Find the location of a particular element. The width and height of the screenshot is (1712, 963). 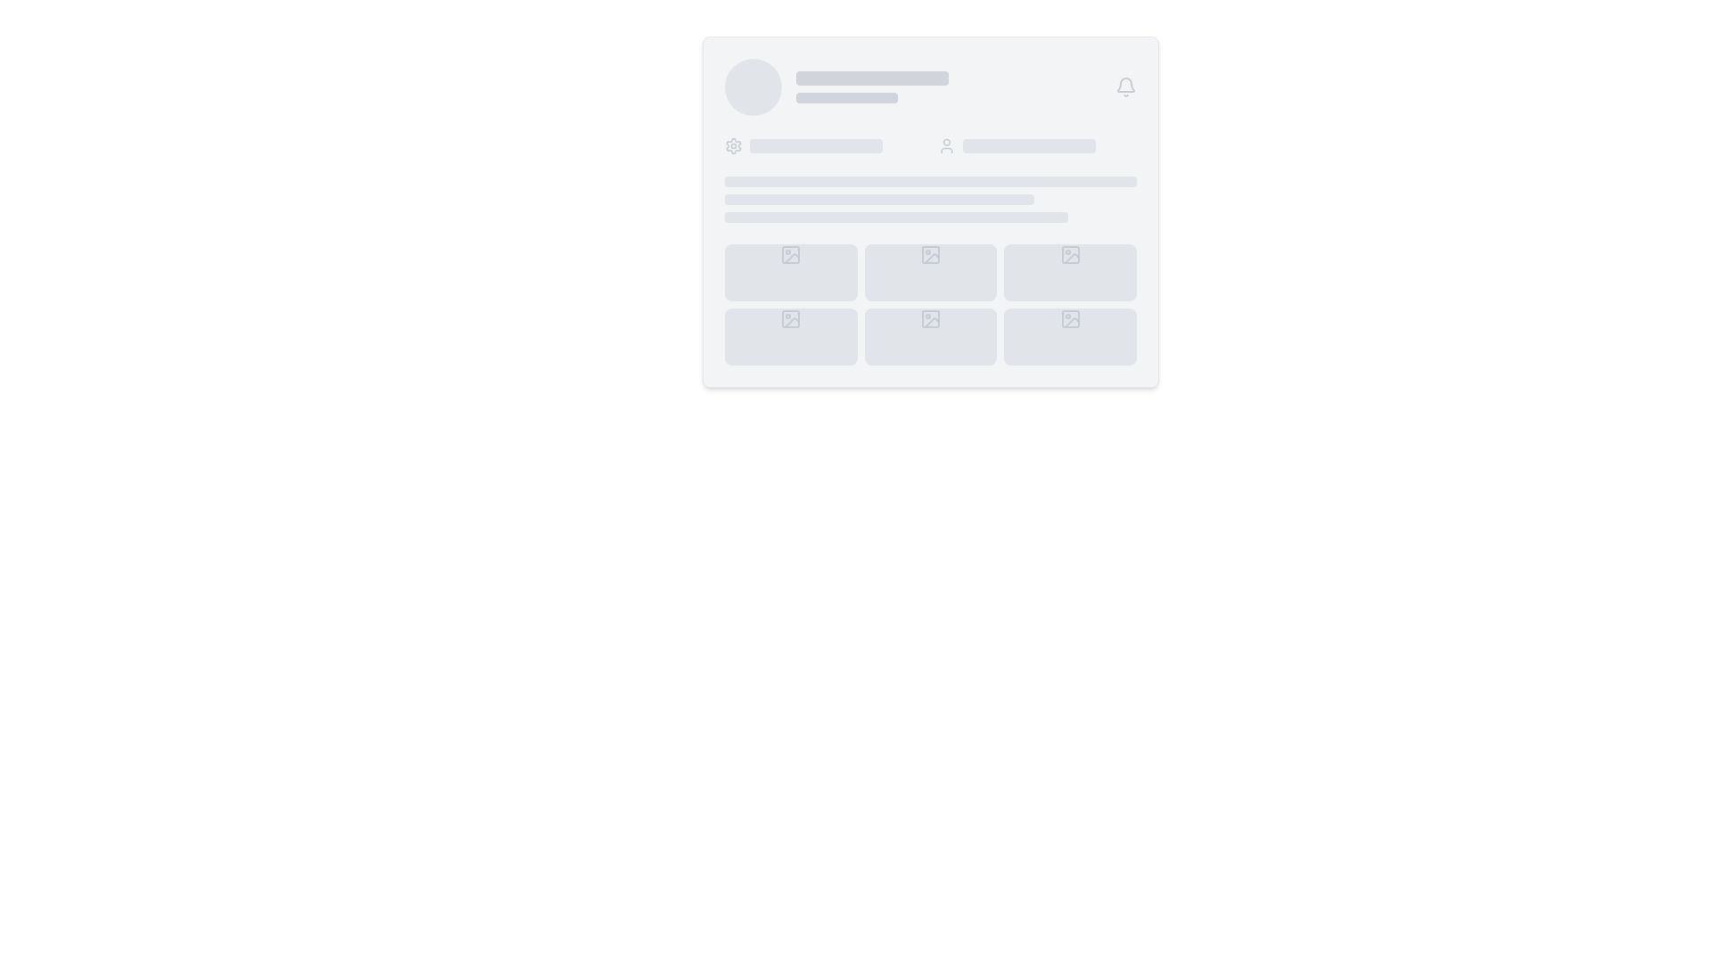

the placeholder status of the first element in the grid layout, which displays a placeholder icon for content is located at coordinates (790, 272).